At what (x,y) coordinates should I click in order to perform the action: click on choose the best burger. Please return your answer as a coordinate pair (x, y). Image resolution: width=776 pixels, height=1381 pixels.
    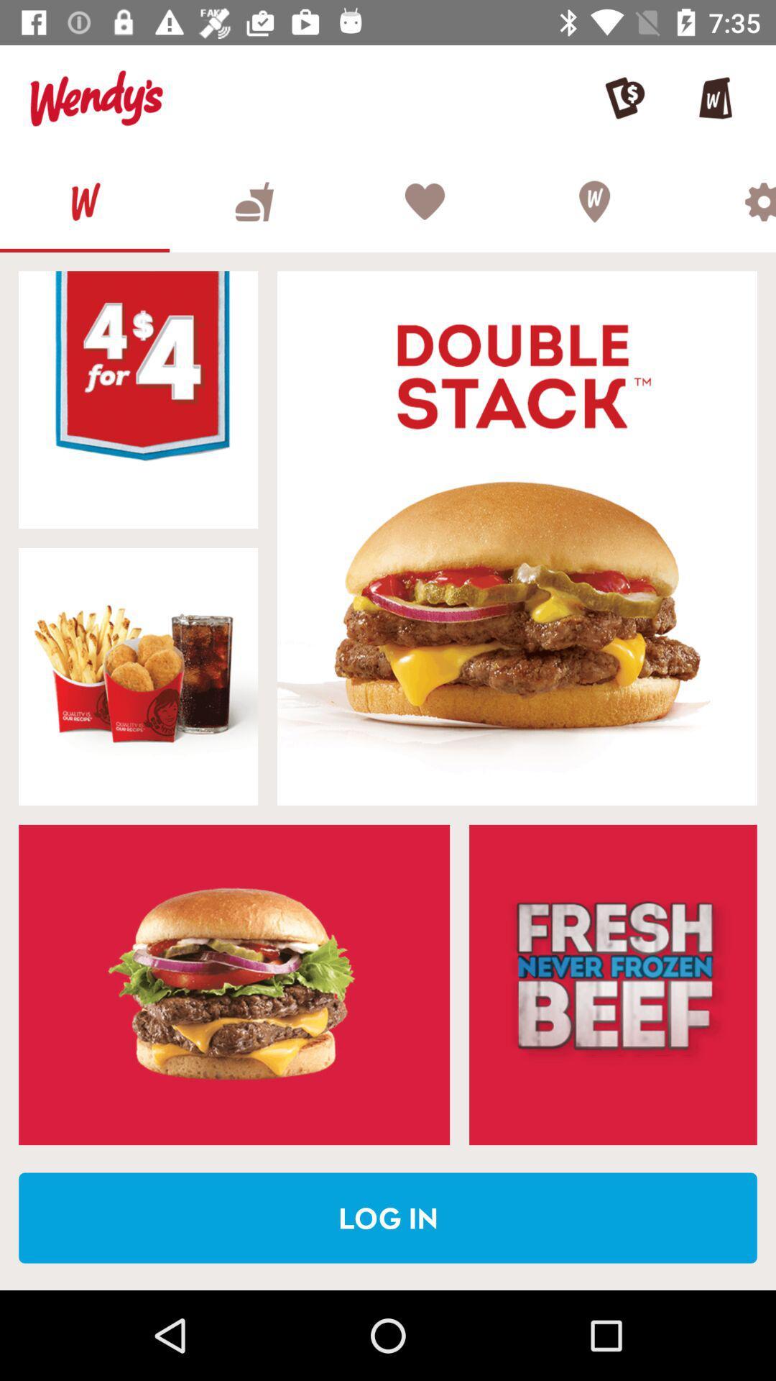
    Looking at the image, I should click on (254, 201).